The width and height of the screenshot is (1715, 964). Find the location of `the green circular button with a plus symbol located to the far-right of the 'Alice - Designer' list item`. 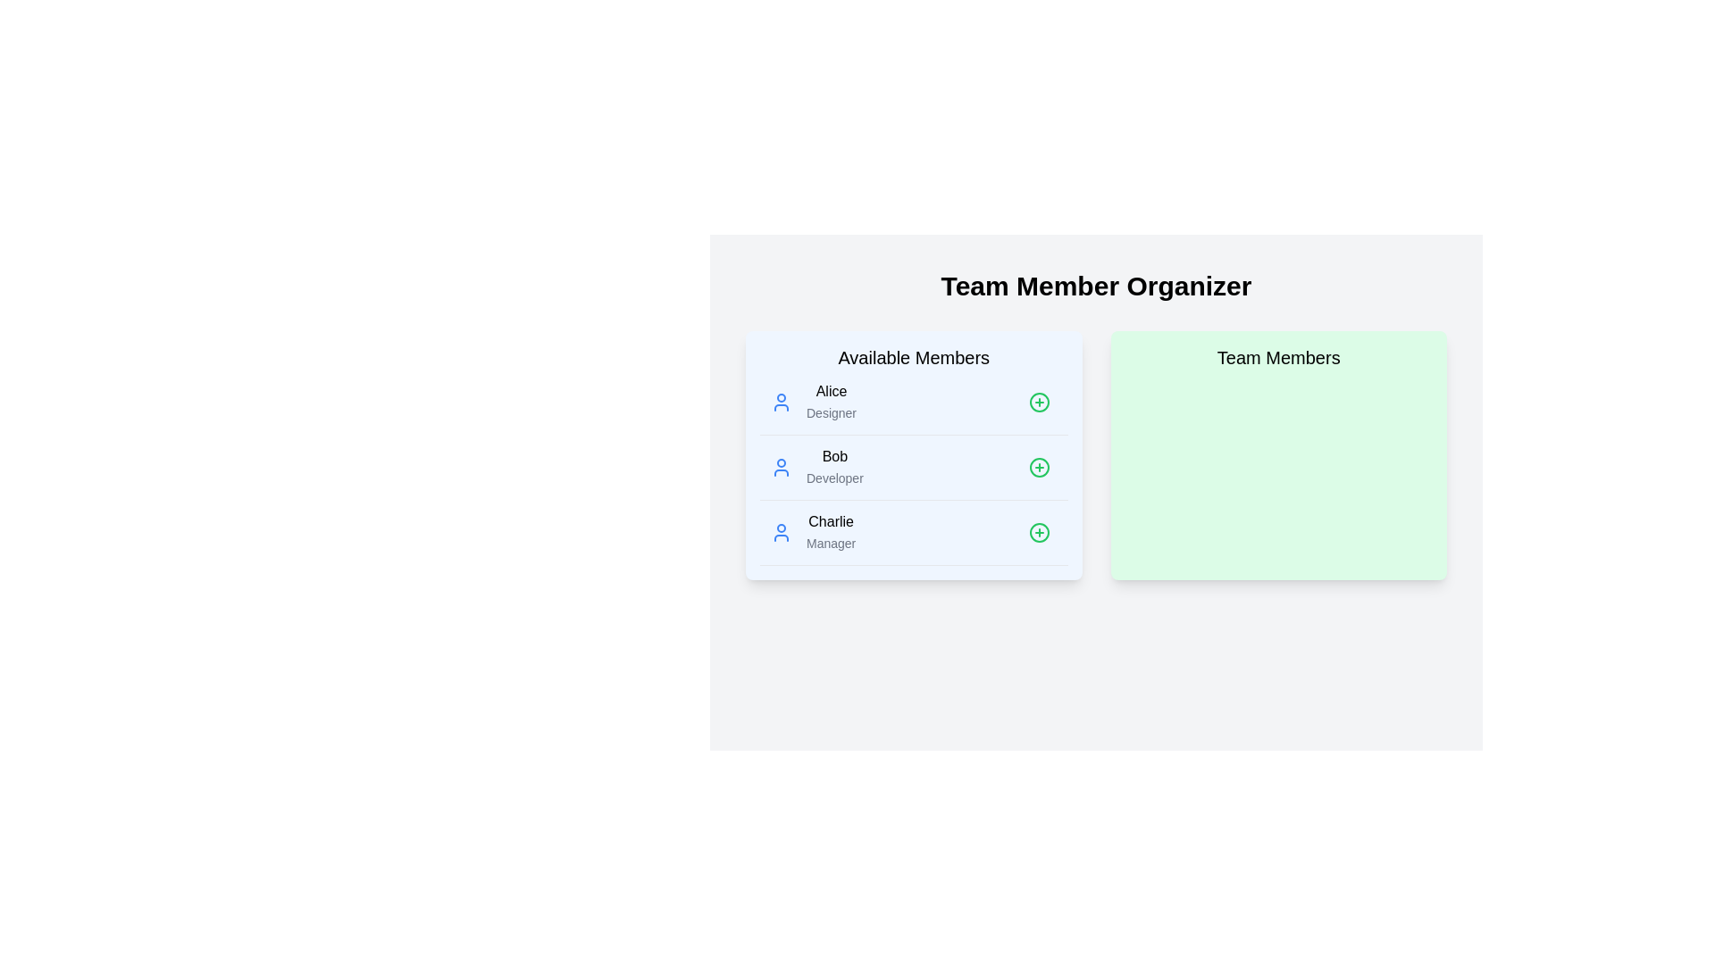

the green circular button with a plus symbol located to the far-right of the 'Alice - Designer' list item is located at coordinates (1039, 403).